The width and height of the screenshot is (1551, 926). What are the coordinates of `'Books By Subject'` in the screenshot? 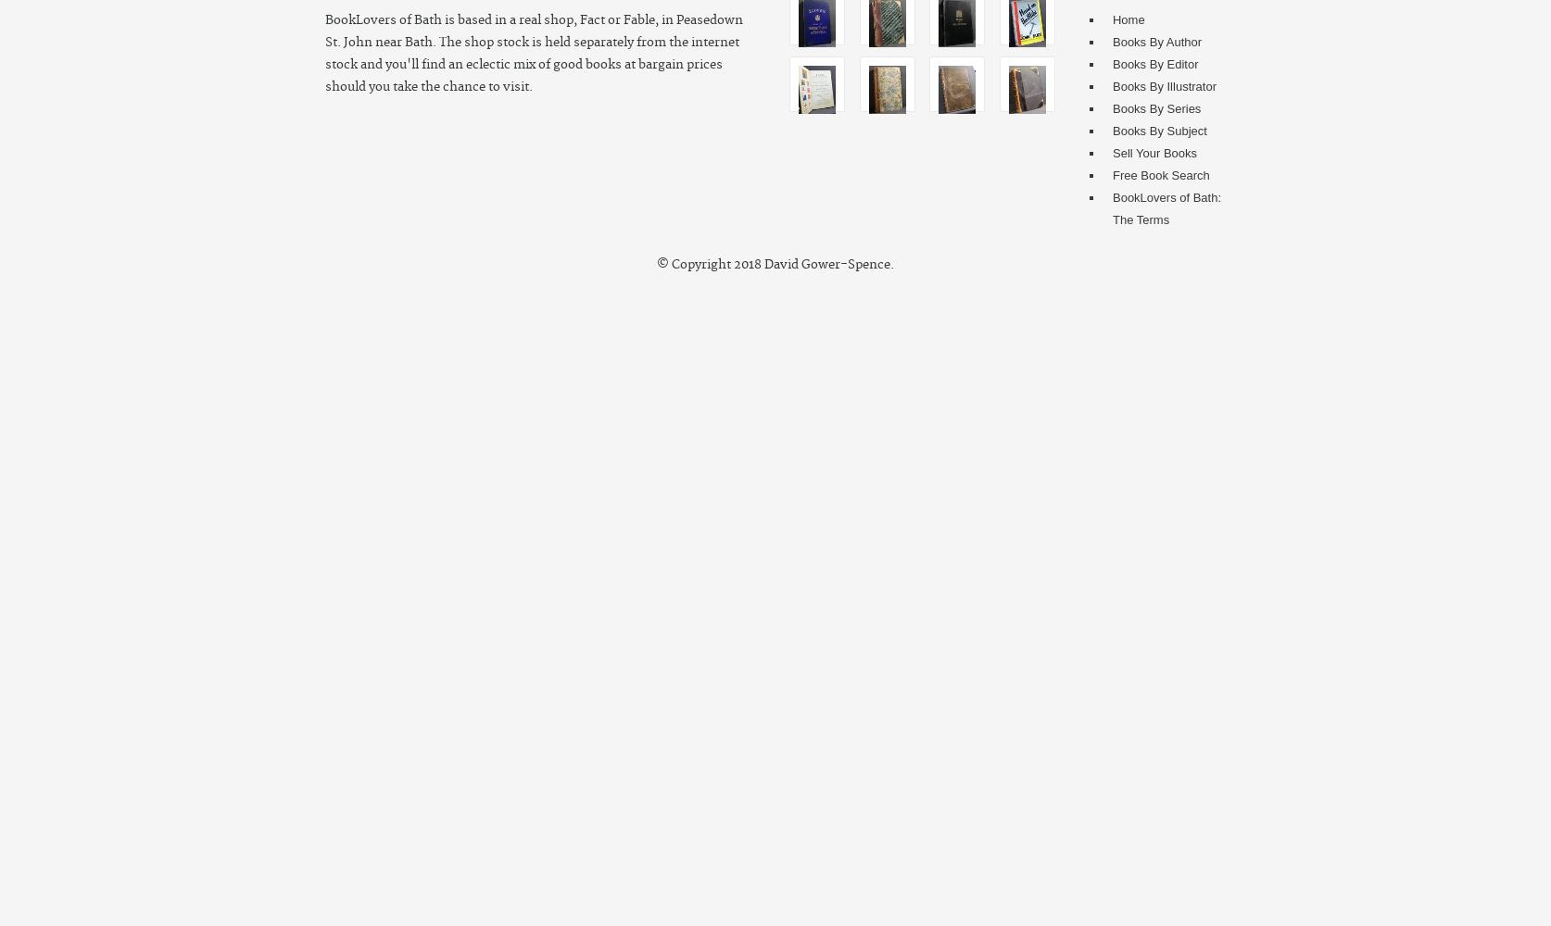 It's located at (1158, 131).